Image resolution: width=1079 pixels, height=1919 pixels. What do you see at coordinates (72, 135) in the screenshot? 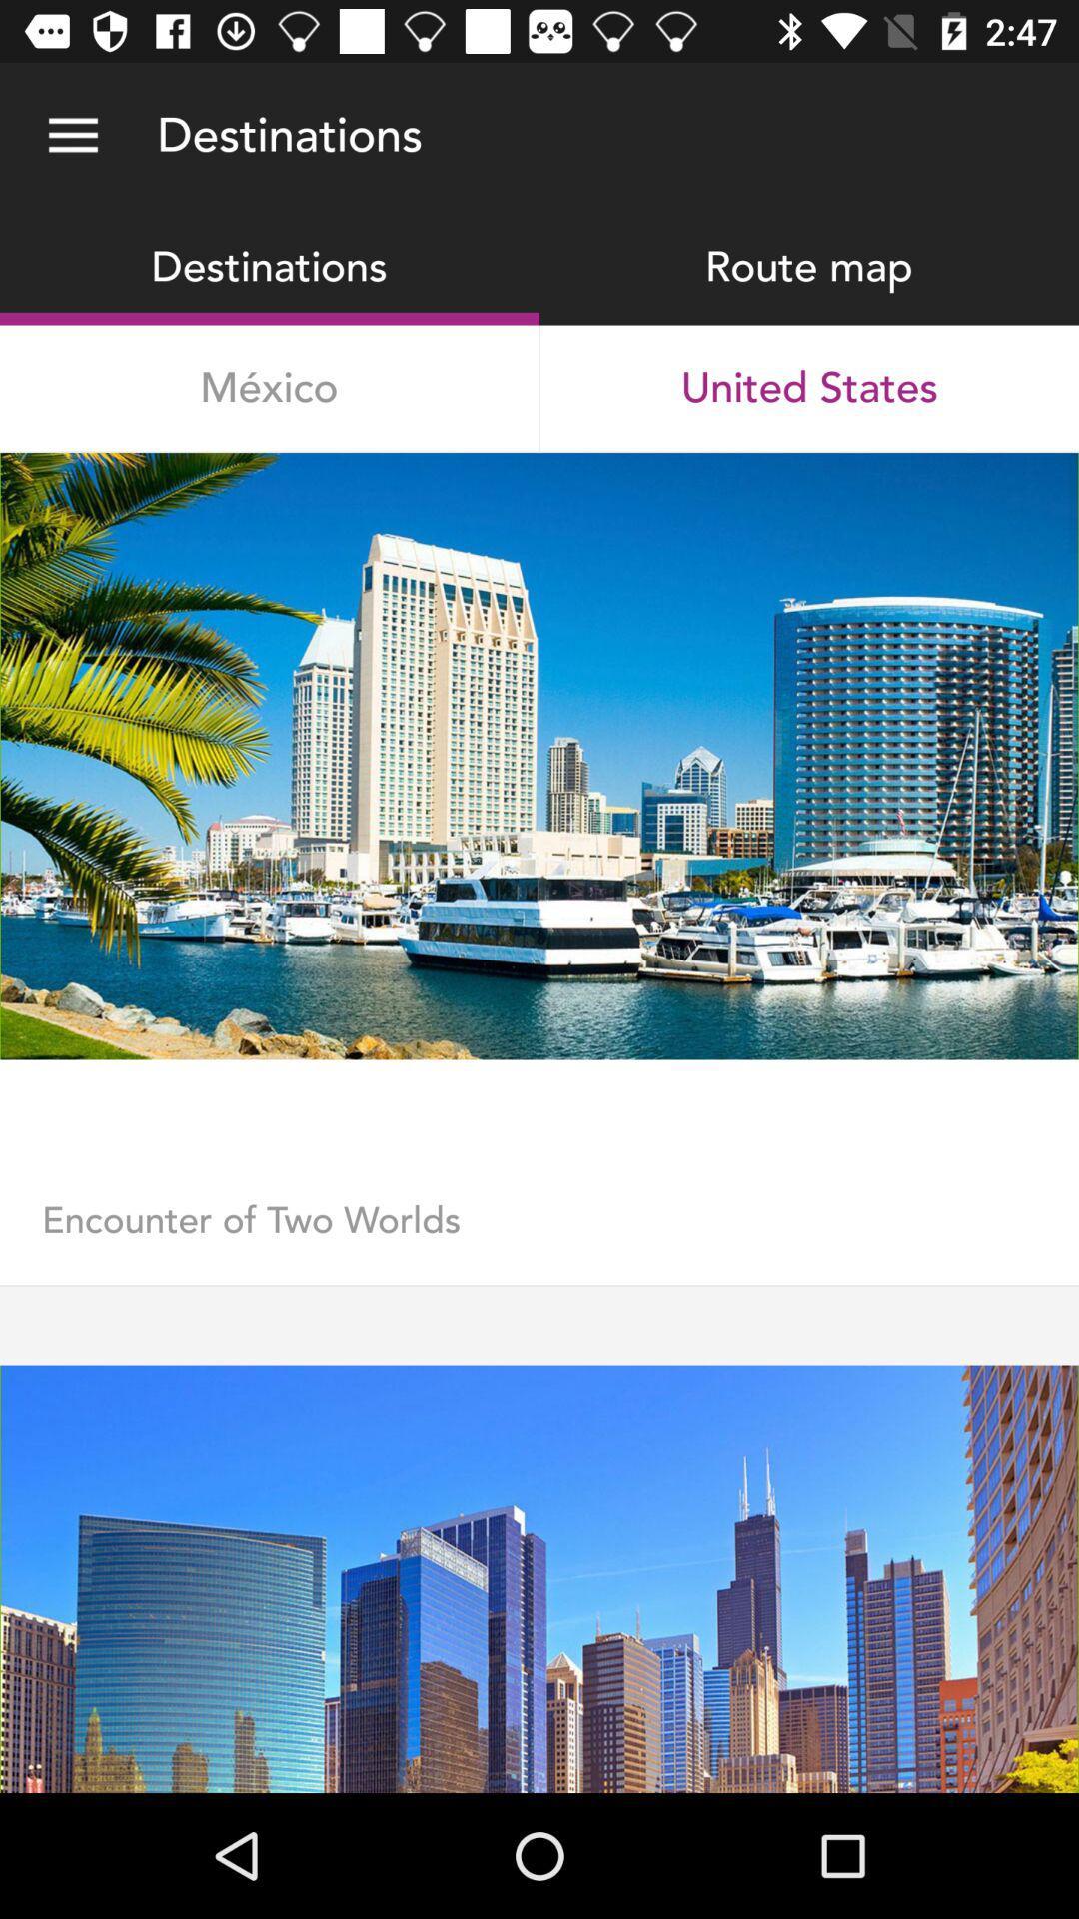
I see `the icon next to the destinations` at bounding box center [72, 135].